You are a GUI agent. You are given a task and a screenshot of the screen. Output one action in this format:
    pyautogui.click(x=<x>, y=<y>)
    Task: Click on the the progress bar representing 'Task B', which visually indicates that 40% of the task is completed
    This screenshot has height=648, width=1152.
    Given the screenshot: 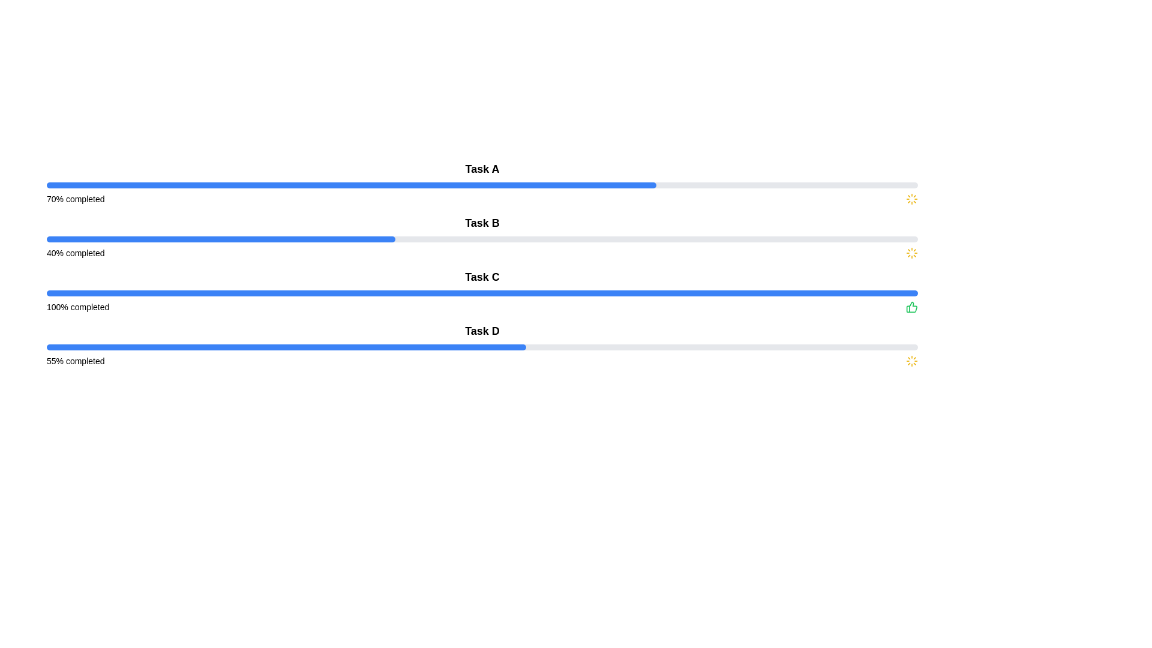 What is the action you would take?
    pyautogui.click(x=482, y=239)
    